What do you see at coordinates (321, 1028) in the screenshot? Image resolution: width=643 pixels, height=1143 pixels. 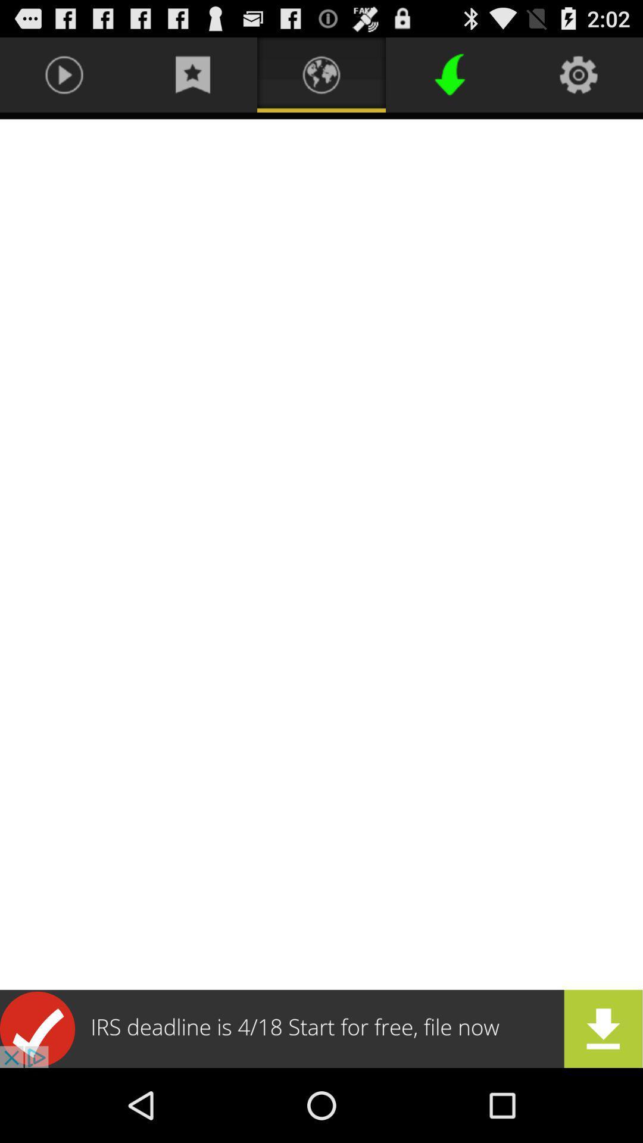 I see `advertisement` at bounding box center [321, 1028].